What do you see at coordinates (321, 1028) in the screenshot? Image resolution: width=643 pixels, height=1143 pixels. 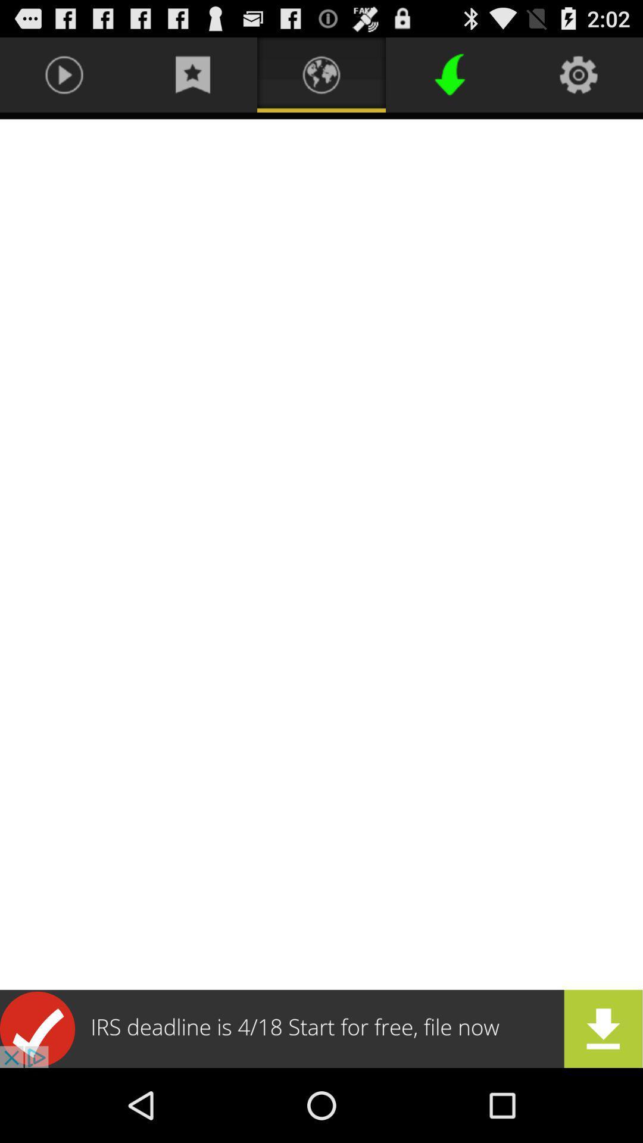 I see `advertisement` at bounding box center [321, 1028].